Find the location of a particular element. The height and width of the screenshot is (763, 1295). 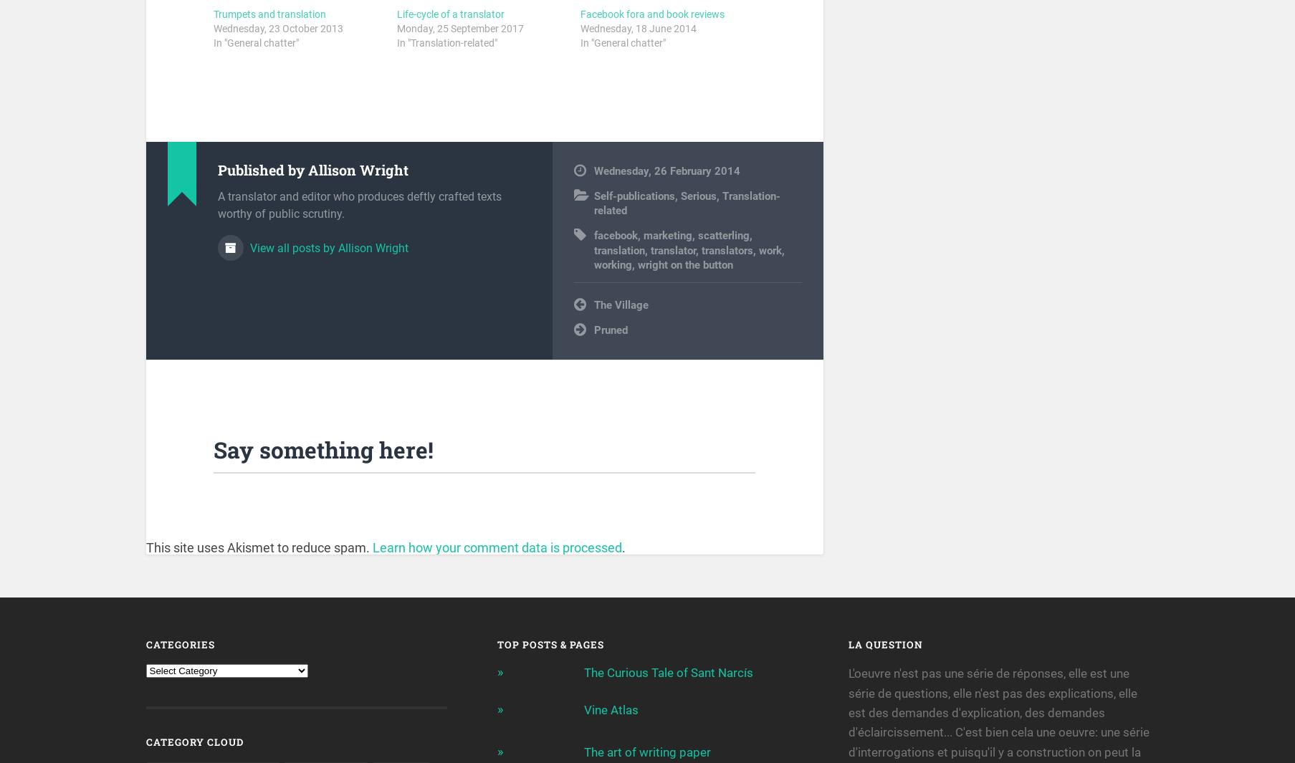

'Self-publications' is located at coordinates (634, 198).